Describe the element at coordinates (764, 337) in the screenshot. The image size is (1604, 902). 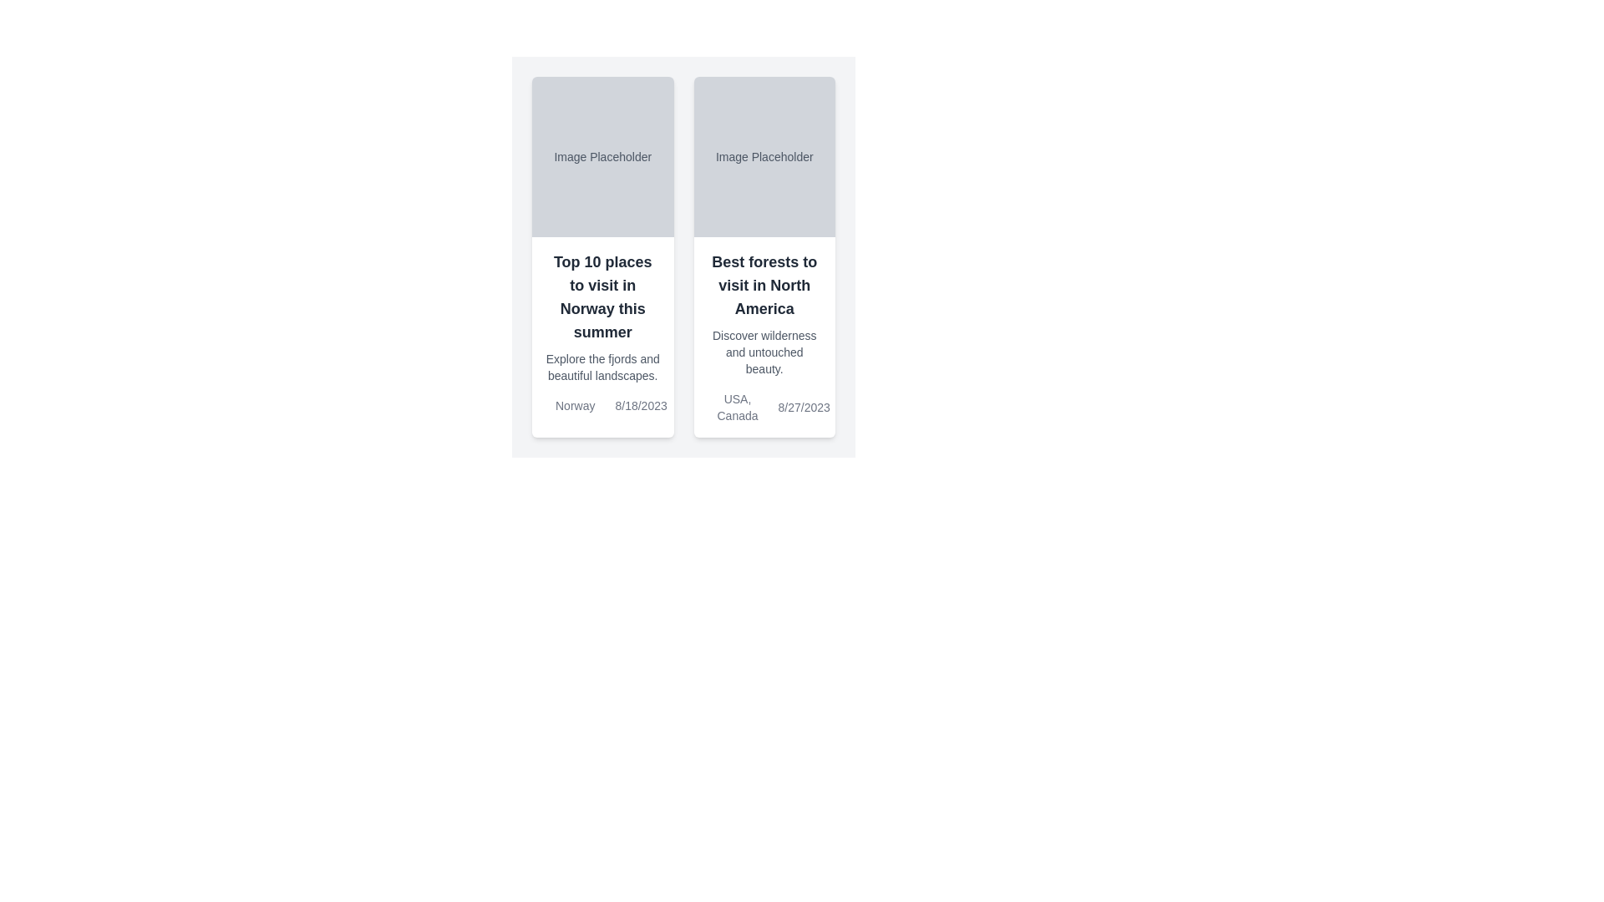
I see `textual content of the text block containing the title 'Best forests to visit in North America', subtitle 'Discover wilderness and untouched beauty', and footer details 'USA, Canada' and date '8/27/2023'` at that location.